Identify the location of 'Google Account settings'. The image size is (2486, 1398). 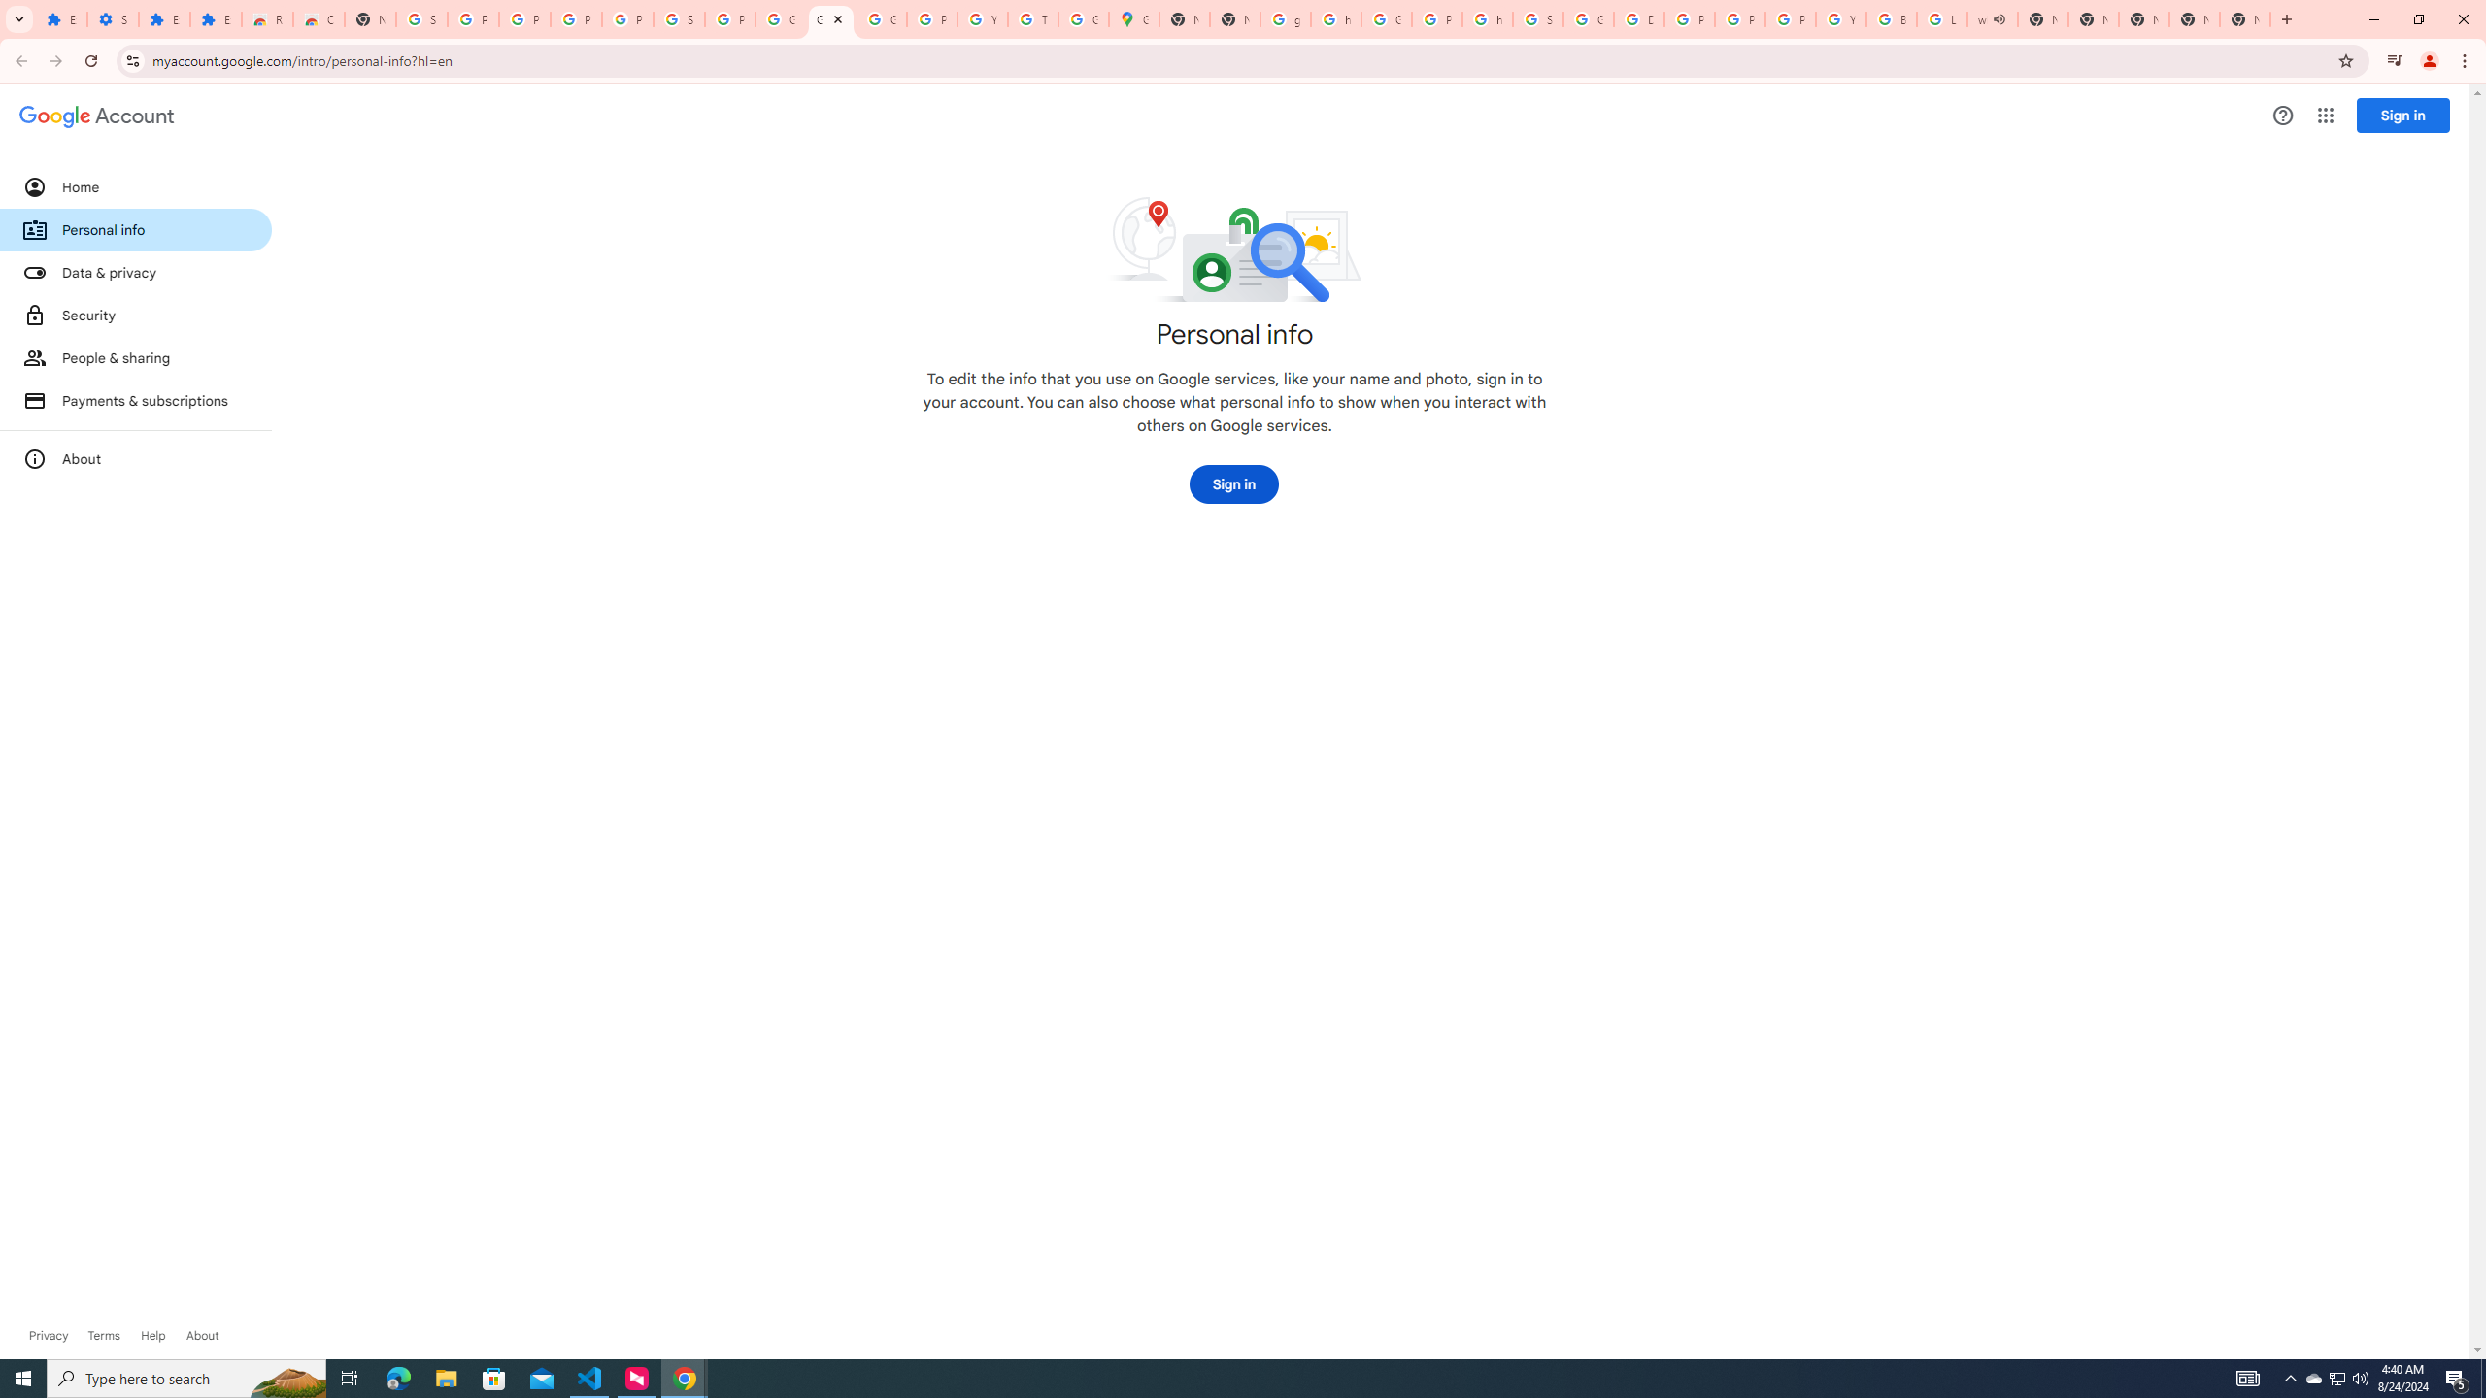
(95, 116).